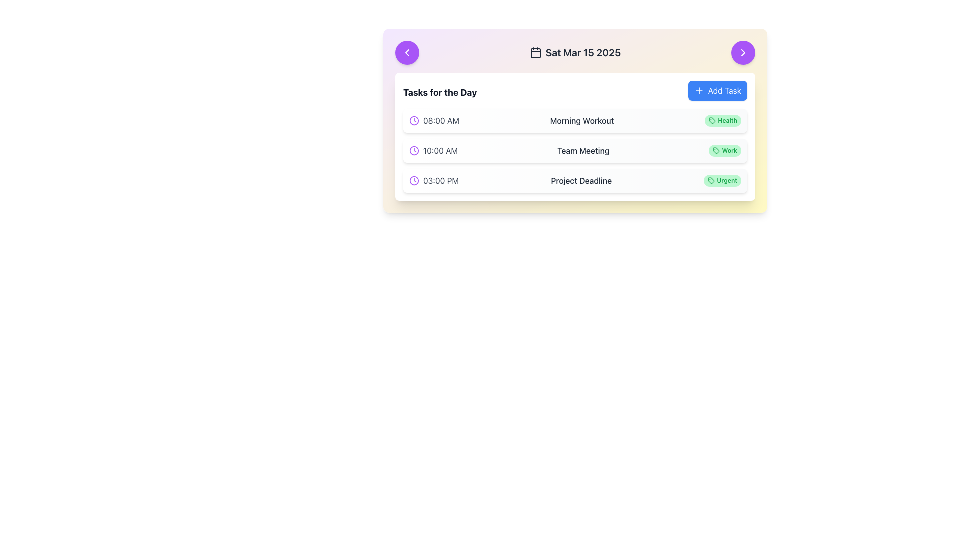 The image size is (960, 540). I want to click on the third Task List Item in the 'Tasks for the Day' card, which displays the time '03:00 PM', title 'Project Deadline', and the badge 'Urgent' in green, so click(575, 181).